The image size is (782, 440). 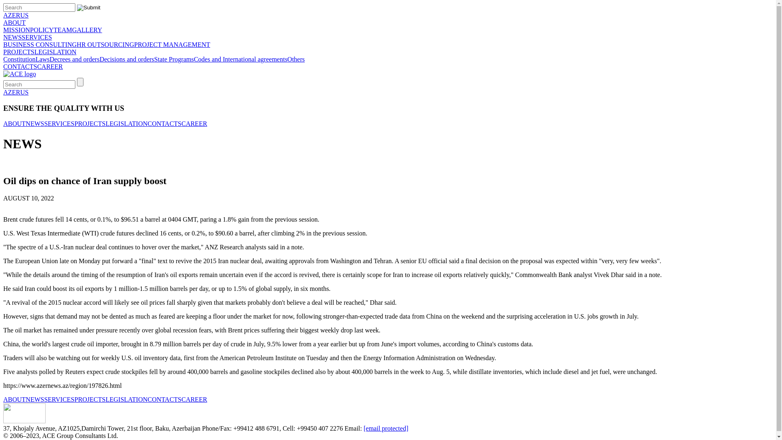 I want to click on 'Decrees and orders', so click(x=49, y=59).